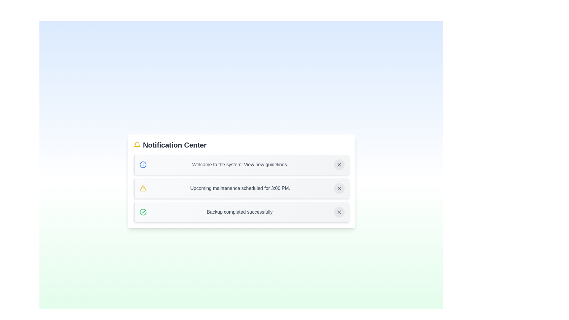 The image size is (569, 320). What do you see at coordinates (339, 188) in the screenshot?
I see `the small 'X' icon located at the far-right of the second notification block stating 'Upcoming maintenance scheduled for 3:00 PM'` at bounding box center [339, 188].